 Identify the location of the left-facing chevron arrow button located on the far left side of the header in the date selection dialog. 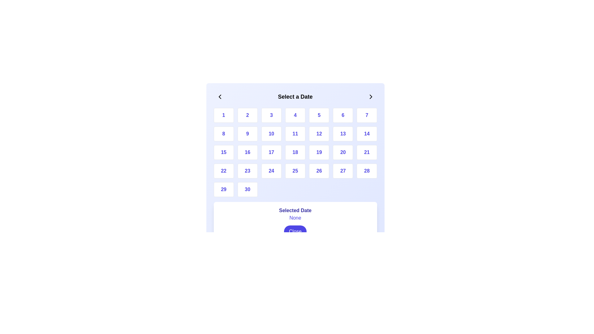
(220, 96).